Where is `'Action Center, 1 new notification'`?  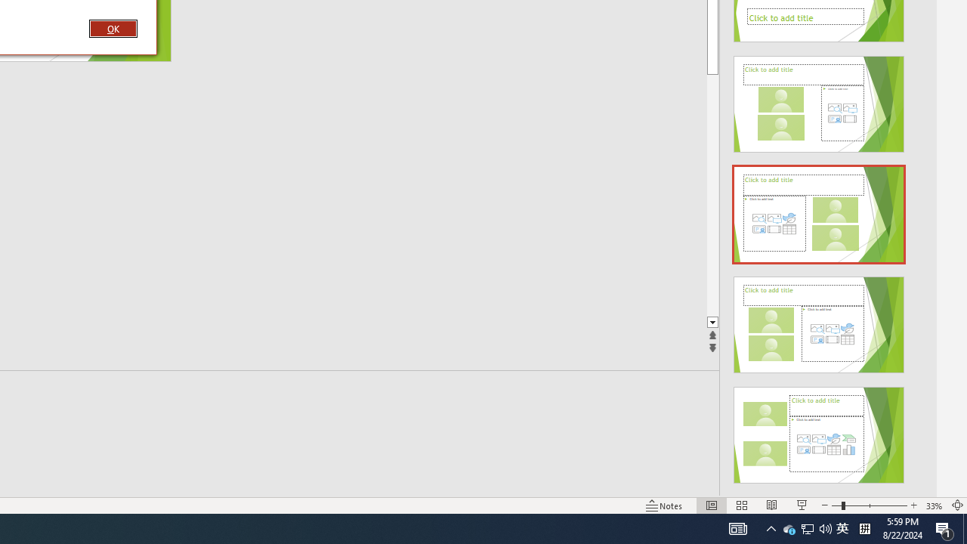 'Action Center, 1 new notification' is located at coordinates (944, 527).